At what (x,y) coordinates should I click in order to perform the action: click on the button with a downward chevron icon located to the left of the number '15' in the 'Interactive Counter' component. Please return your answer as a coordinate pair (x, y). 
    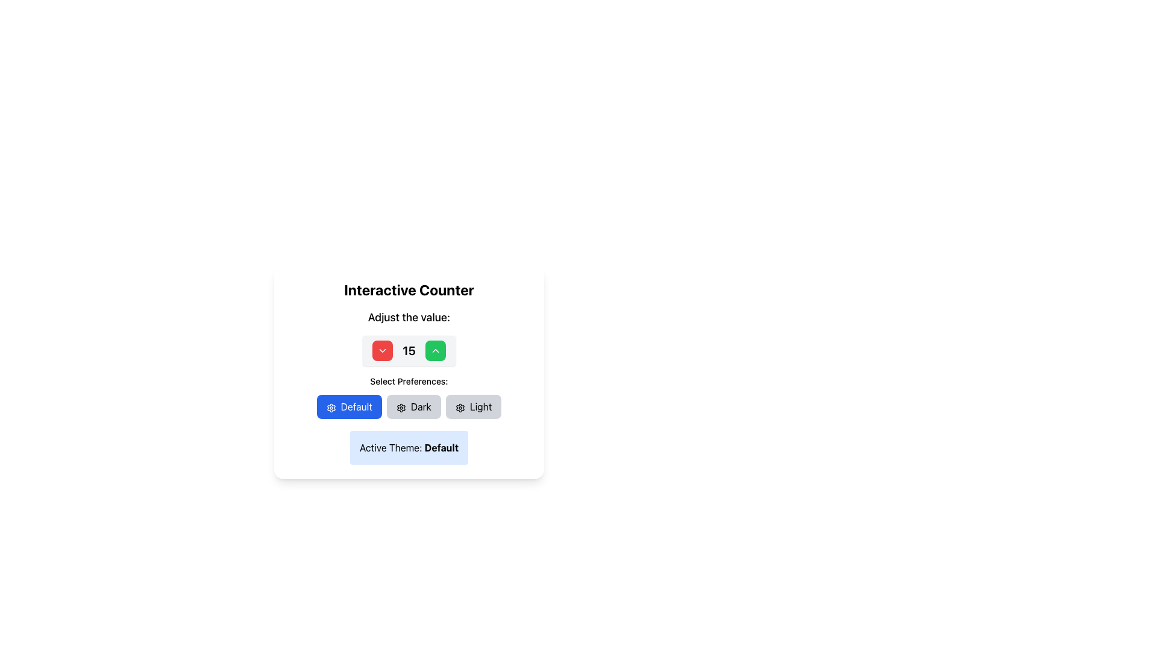
    Looking at the image, I should click on (382, 351).